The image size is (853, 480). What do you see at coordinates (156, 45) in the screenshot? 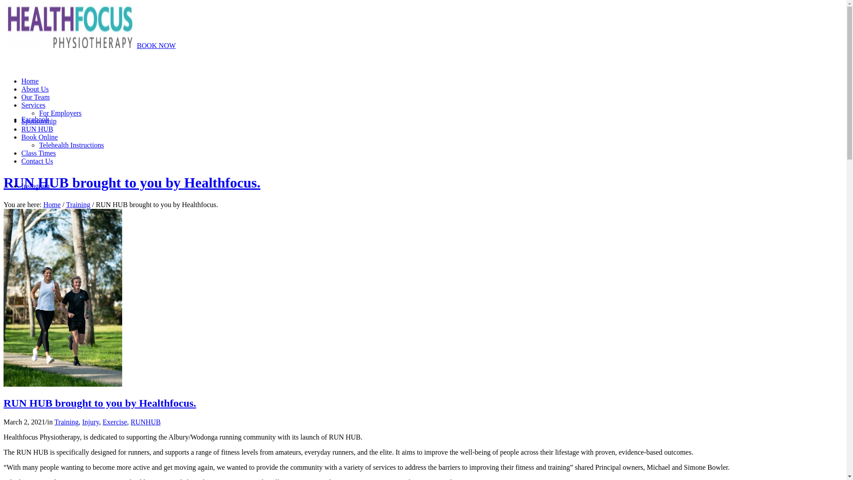
I see `'BOOK NOW'` at bounding box center [156, 45].